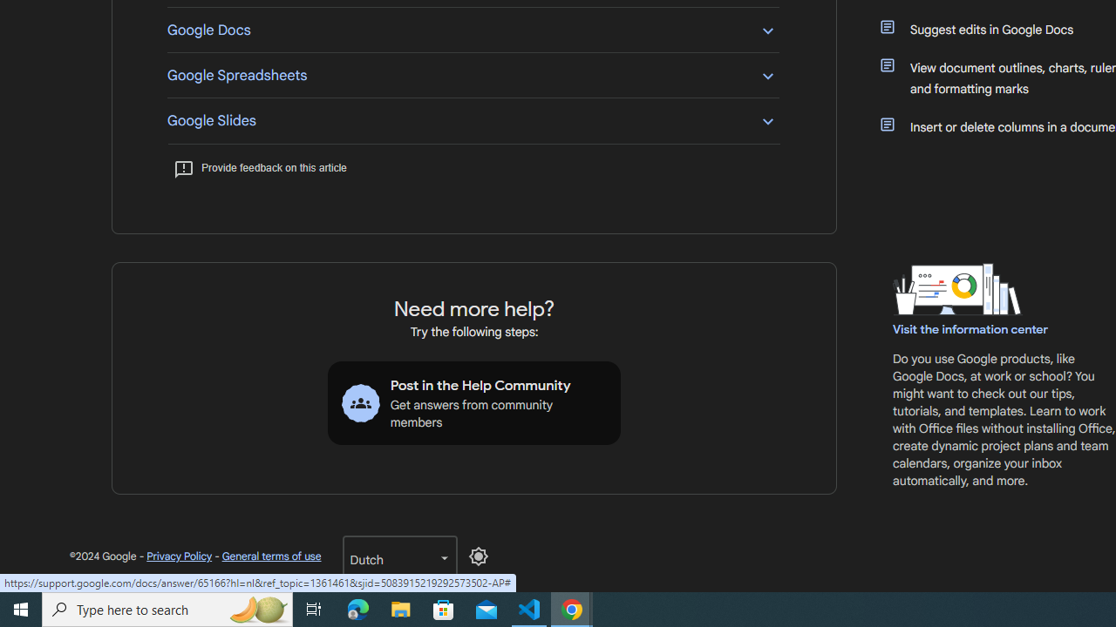 Image resolution: width=1116 pixels, height=627 pixels. I want to click on 'Visit the information center', so click(970, 329).